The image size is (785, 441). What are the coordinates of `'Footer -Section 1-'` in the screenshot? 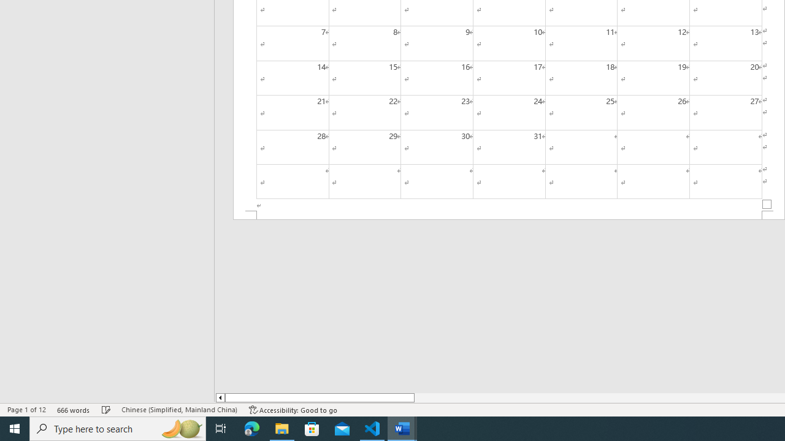 It's located at (509, 214).